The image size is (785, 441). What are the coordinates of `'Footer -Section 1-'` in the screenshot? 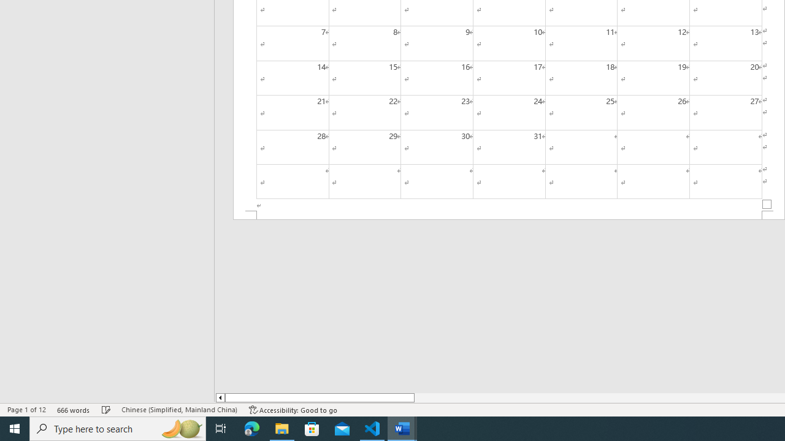 It's located at (509, 214).